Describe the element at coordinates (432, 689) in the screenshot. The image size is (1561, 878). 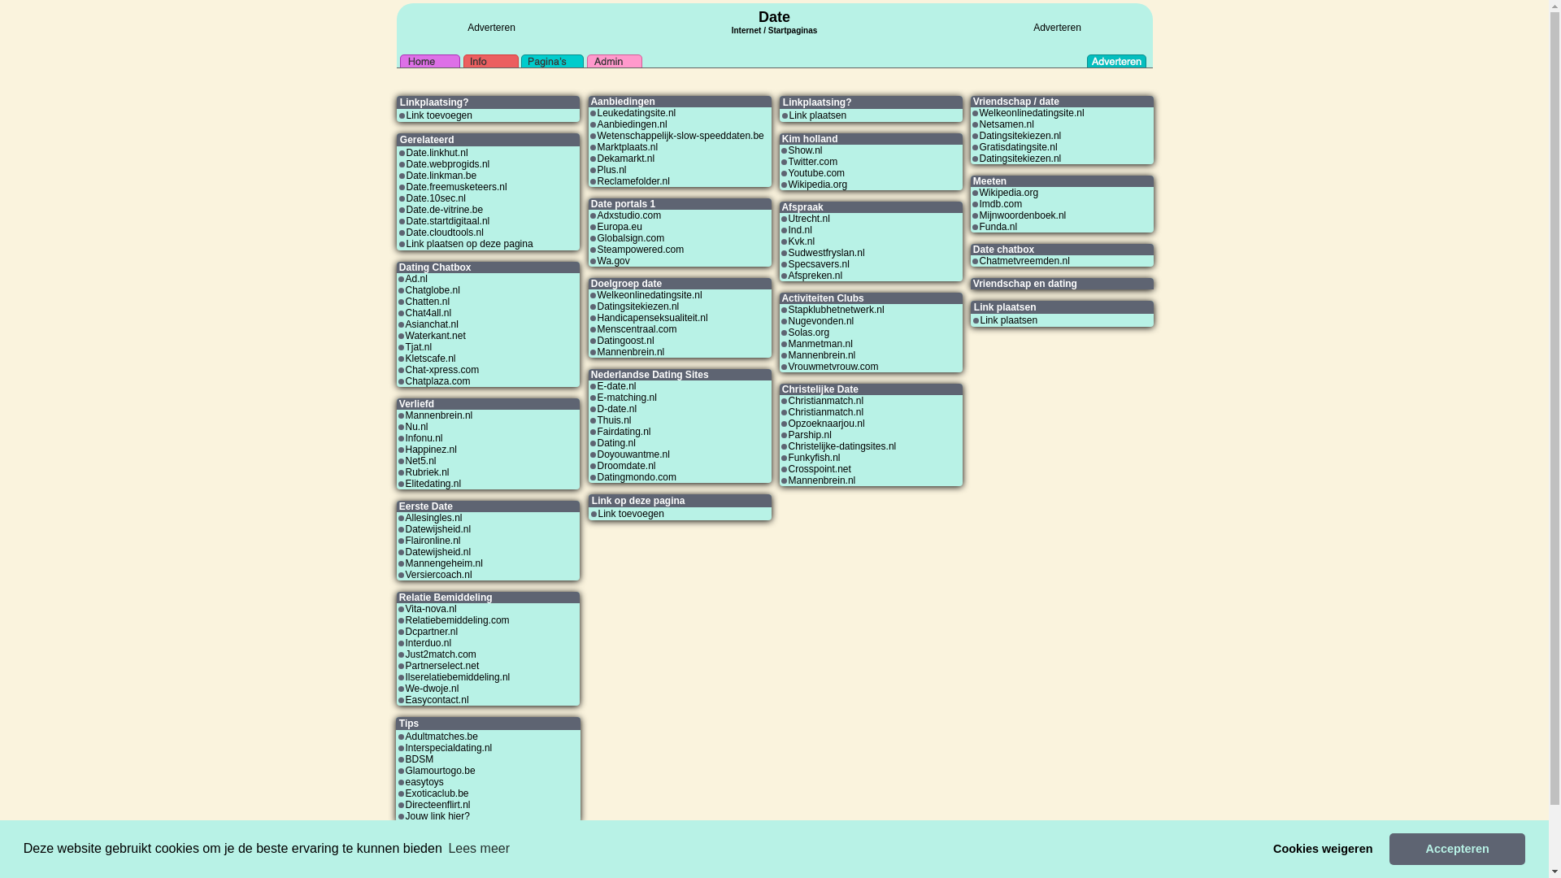
I see `'We-dwoje.nl'` at that location.